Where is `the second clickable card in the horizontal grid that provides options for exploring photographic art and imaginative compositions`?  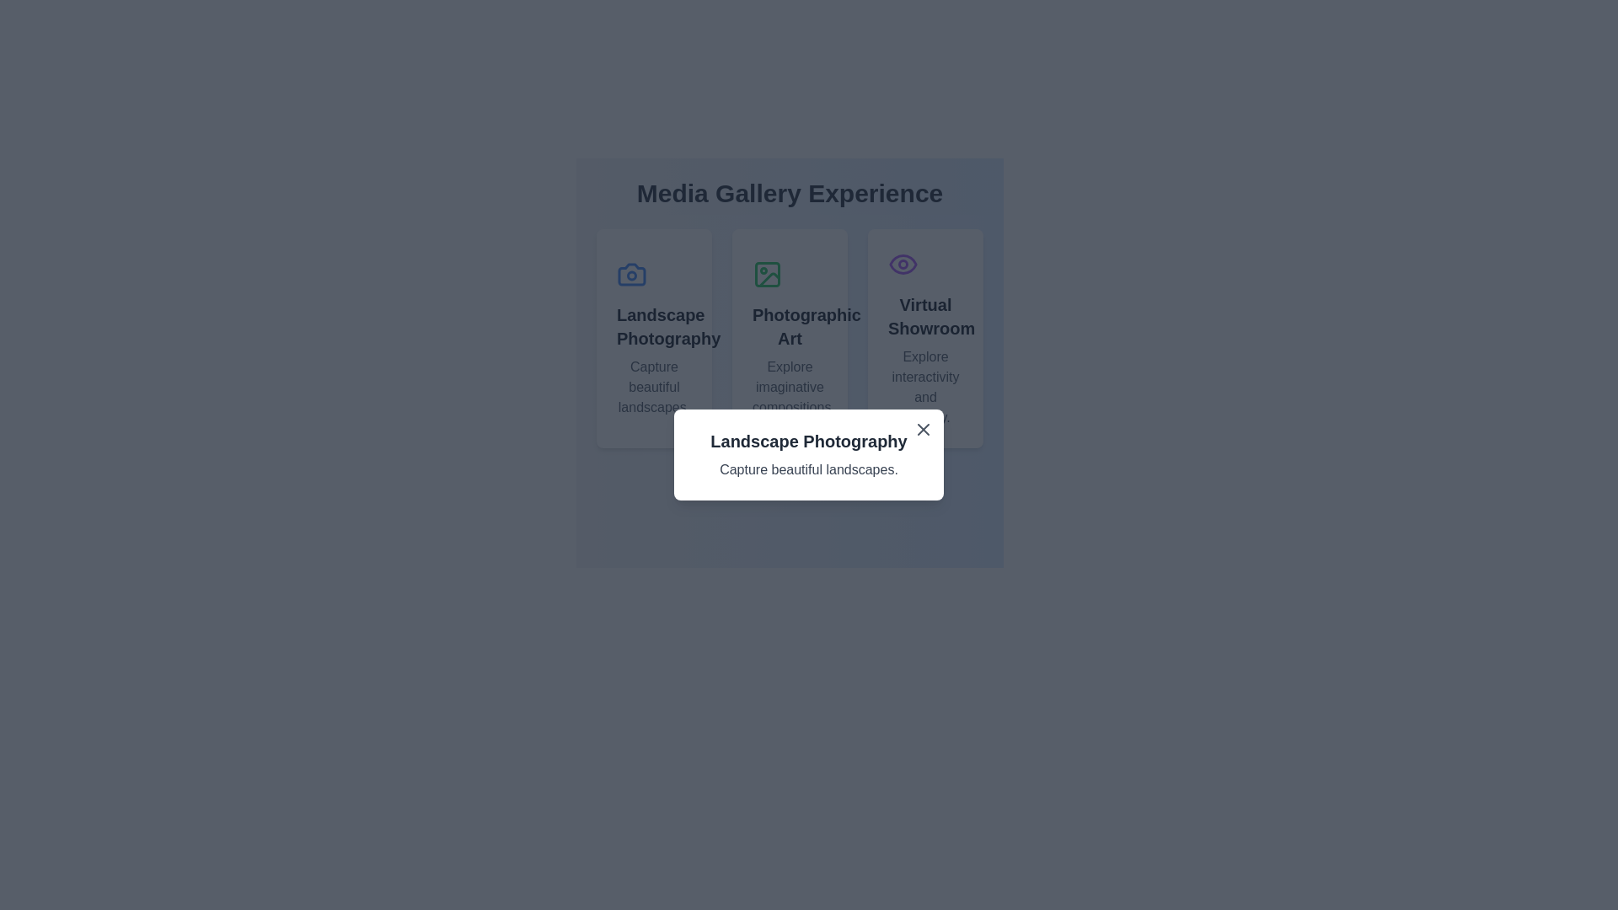
the second clickable card in the horizontal grid that provides options for exploring photographic art and imaginative compositions is located at coordinates (789, 338).